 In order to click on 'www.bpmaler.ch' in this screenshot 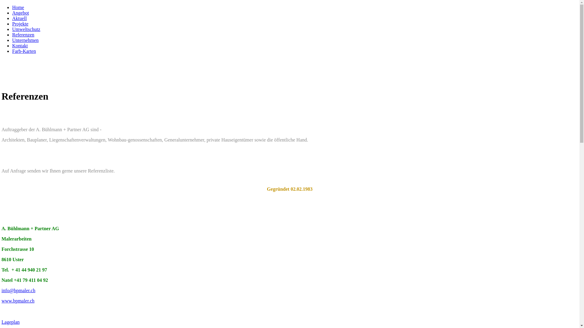, I will do `click(18, 301)`.